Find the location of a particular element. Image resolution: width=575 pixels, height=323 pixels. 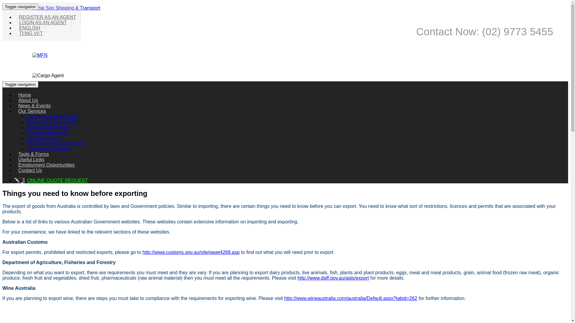

'Export Air & Sea Freight' is located at coordinates (26, 121).